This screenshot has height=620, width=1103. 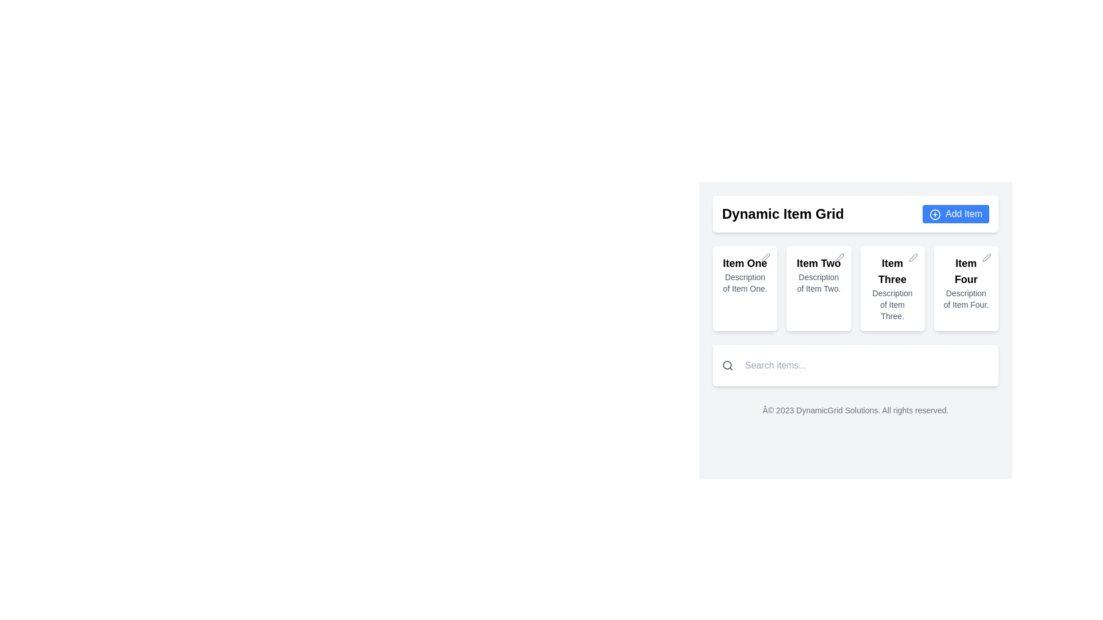 What do you see at coordinates (782, 214) in the screenshot?
I see `text from the bold and large font label that displays 'Dynamic Item Grid', located to the left of the blue button labeled 'Add Item'` at bounding box center [782, 214].